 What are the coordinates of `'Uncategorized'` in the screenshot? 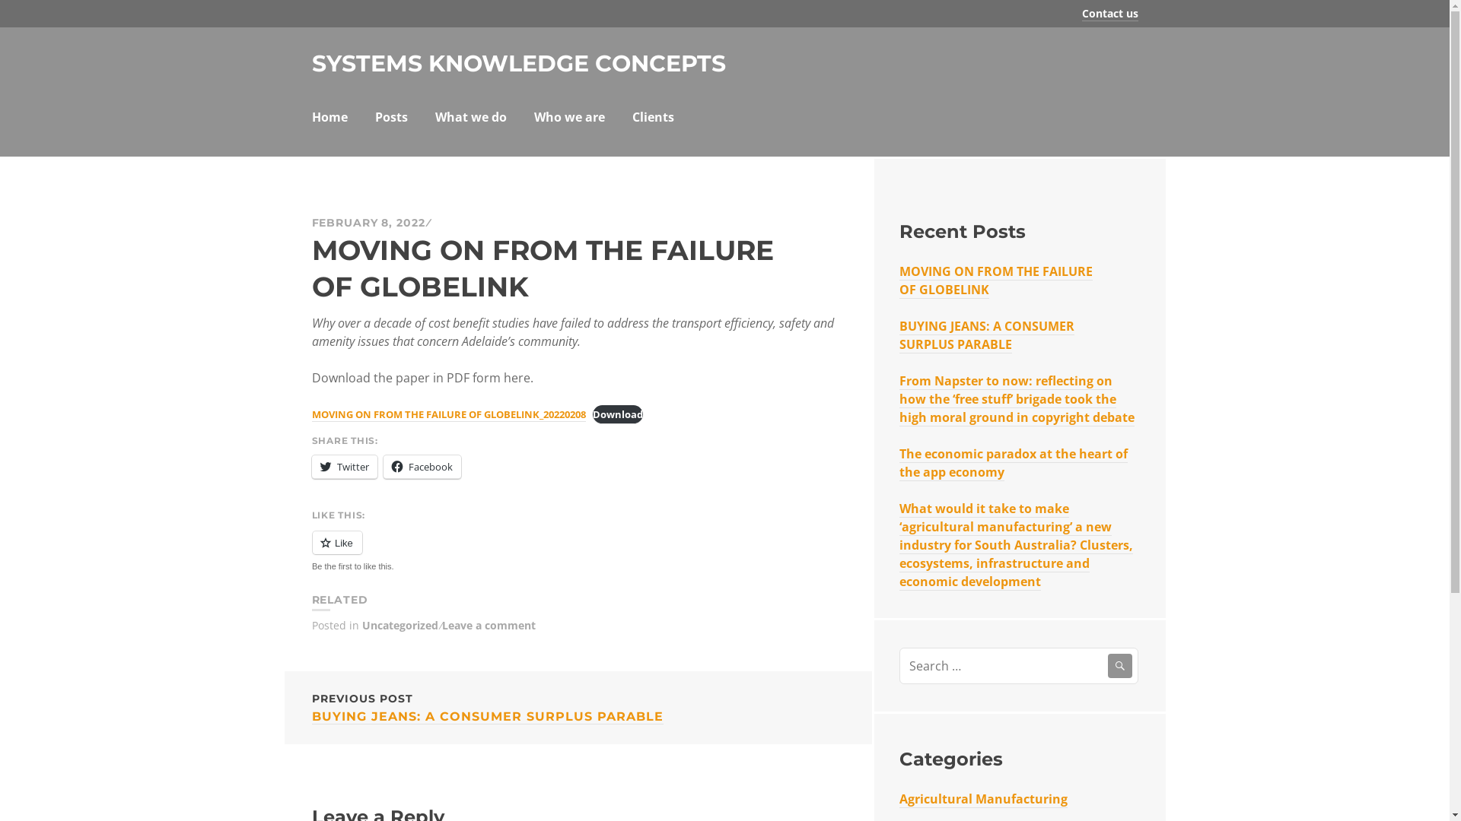 It's located at (400, 625).